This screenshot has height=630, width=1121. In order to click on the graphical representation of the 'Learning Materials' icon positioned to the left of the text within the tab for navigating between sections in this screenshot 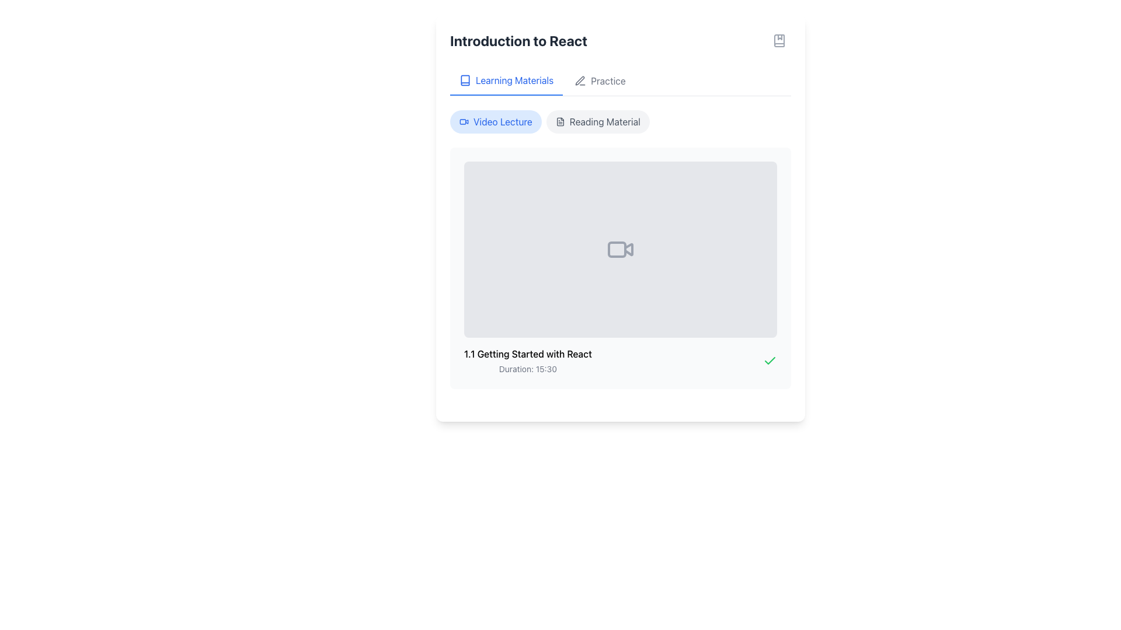, I will do `click(464, 80)`.